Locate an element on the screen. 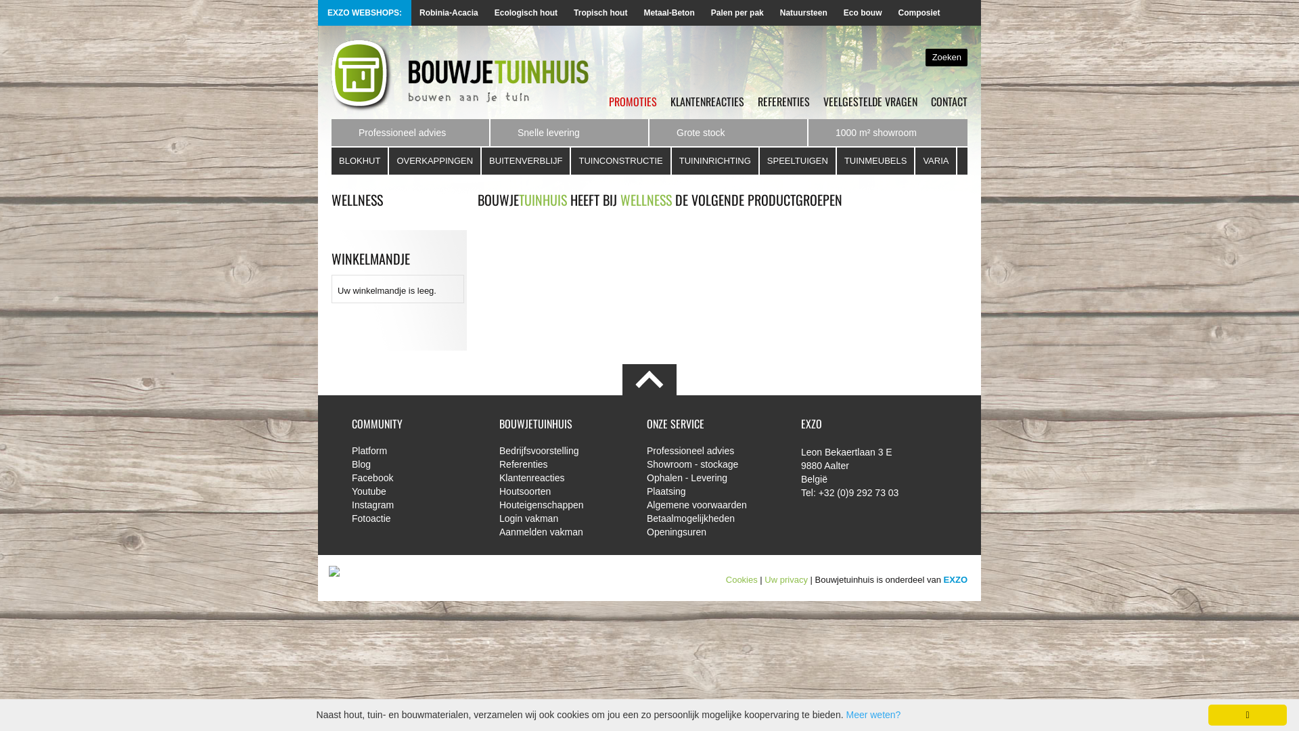 Image resolution: width=1299 pixels, height=731 pixels. 'Betaalmogelijkheden' is located at coordinates (710, 518).